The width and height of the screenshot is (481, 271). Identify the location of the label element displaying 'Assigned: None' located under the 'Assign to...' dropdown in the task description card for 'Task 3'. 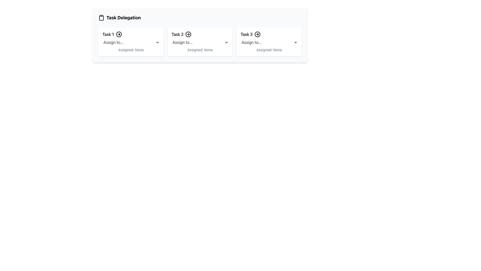
(269, 50).